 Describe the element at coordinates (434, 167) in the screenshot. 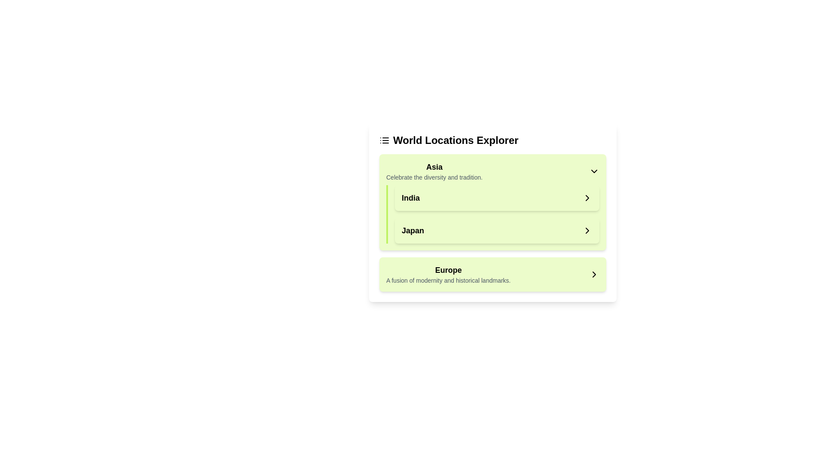

I see `the Text Label that serves as the title for the 'Asia' section, which is positioned above the smaller text description` at that location.